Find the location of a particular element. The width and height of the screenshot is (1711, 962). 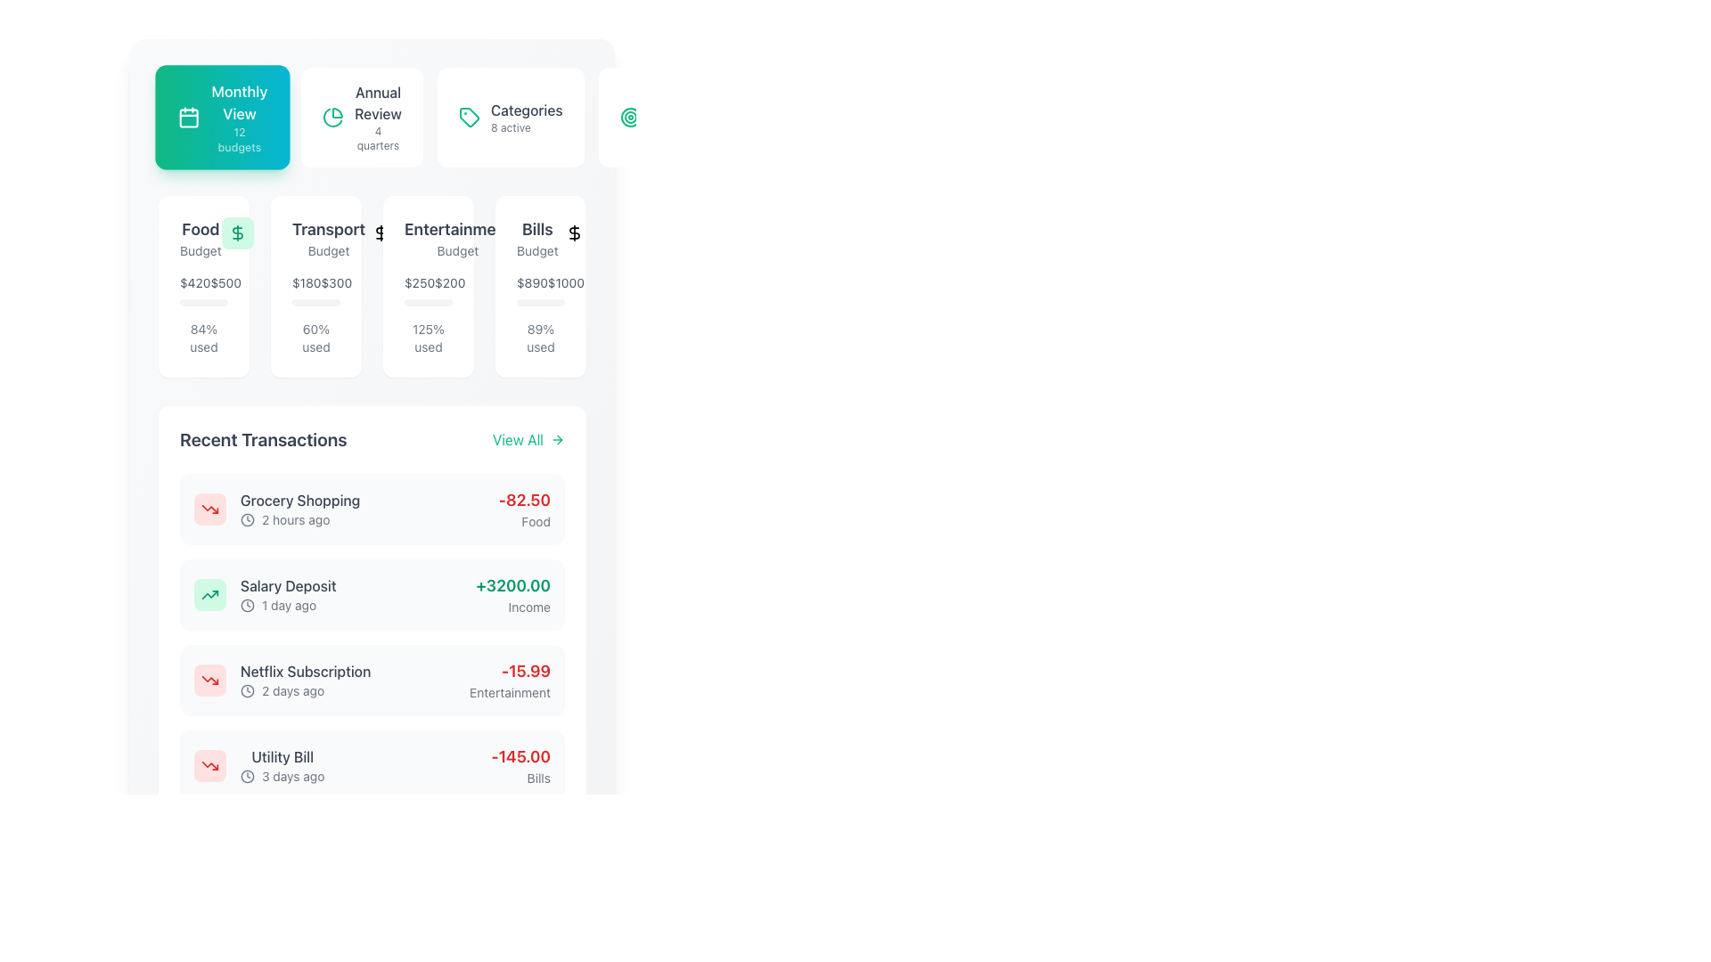

the small green icon resembling a label tag located to the left of the text 'Categories' in the button labeled 'Categories 8 active' is located at coordinates (469, 117).